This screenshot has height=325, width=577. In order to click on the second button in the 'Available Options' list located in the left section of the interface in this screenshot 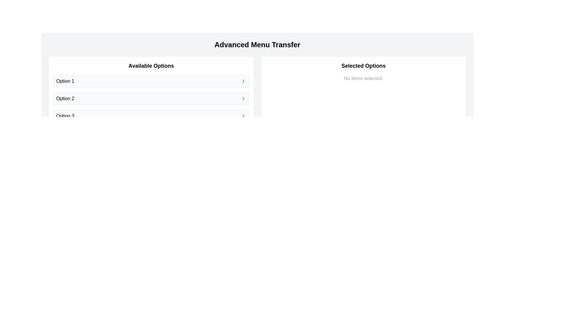, I will do `click(151, 98)`.